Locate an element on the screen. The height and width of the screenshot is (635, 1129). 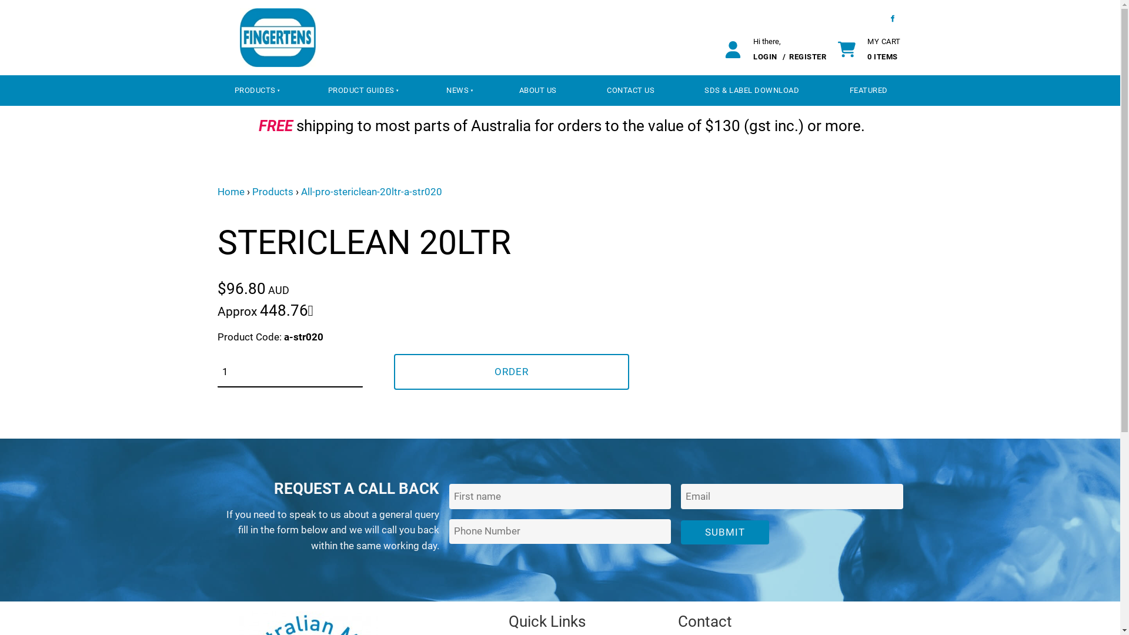
'PRODUCT GUIDES' is located at coordinates (359, 90).